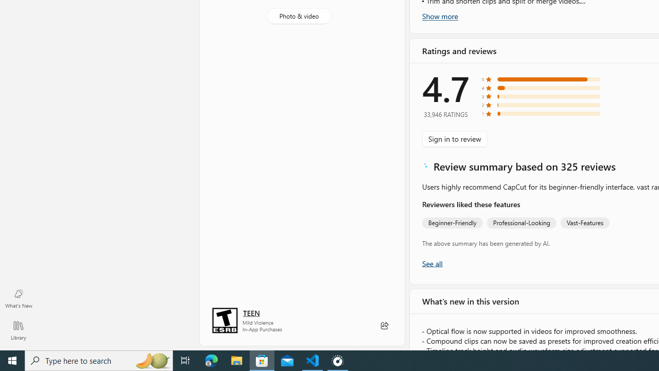 The image size is (659, 371). Describe the element at coordinates (454, 138) in the screenshot. I see `'Sign in to review'` at that location.